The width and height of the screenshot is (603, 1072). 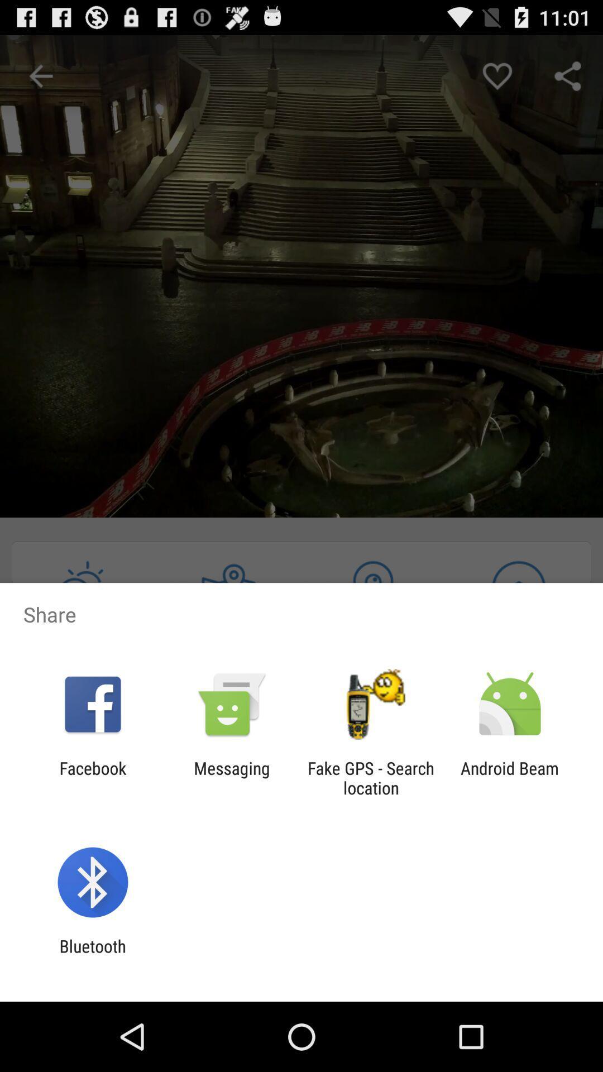 I want to click on facebook, so click(x=92, y=777).